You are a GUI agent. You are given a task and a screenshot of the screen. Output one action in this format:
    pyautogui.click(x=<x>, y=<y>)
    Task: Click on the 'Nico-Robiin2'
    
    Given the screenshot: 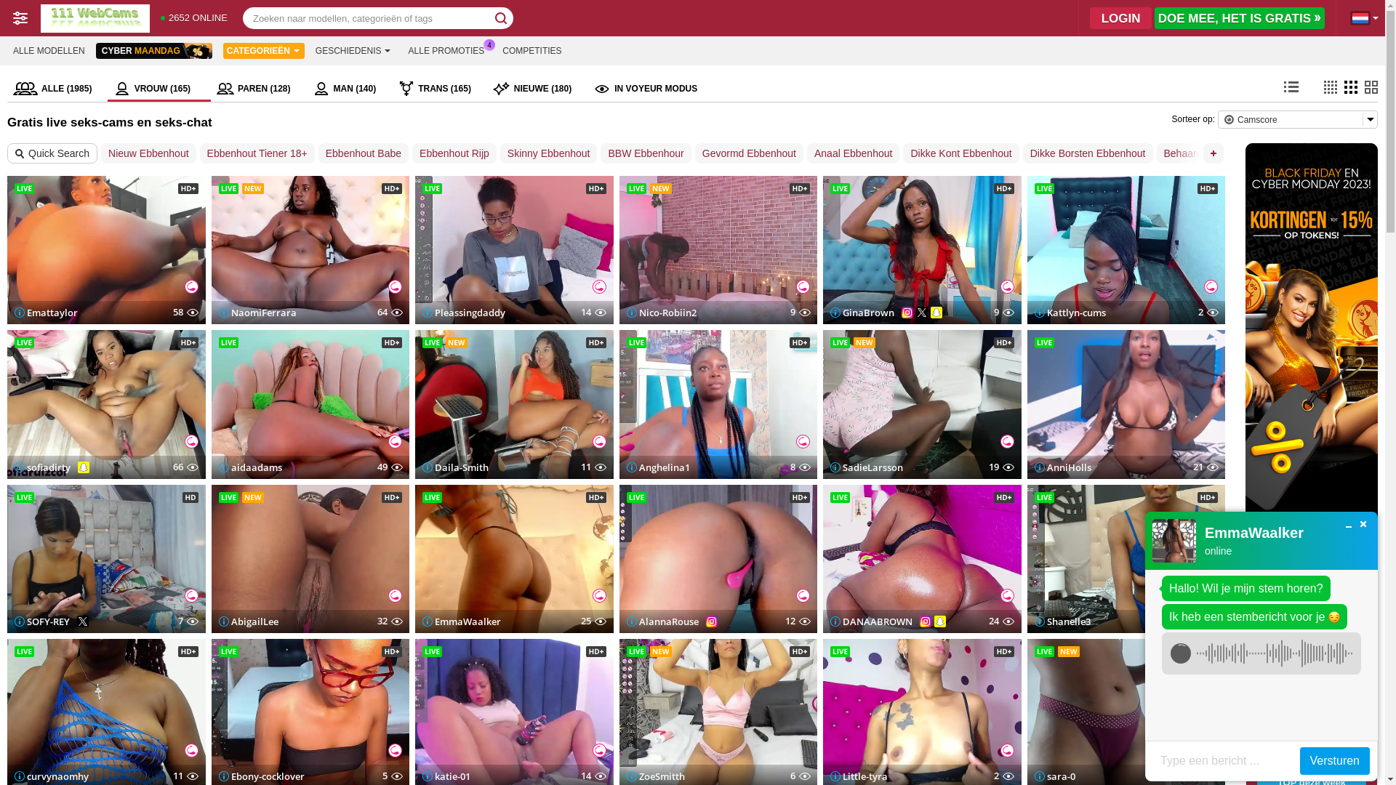 What is the action you would take?
    pyautogui.click(x=661, y=311)
    